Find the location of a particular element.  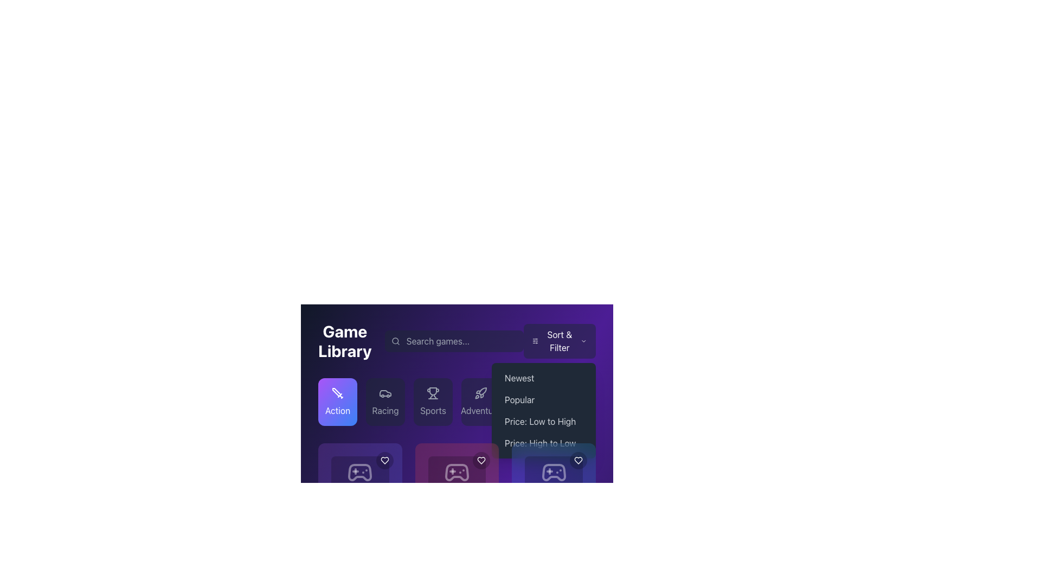

to select the third item in the modal dropdown menu styled with a dark background, located under the 'Sort & Filter' button in the top-right quadrant of the interface is located at coordinates (544, 410).